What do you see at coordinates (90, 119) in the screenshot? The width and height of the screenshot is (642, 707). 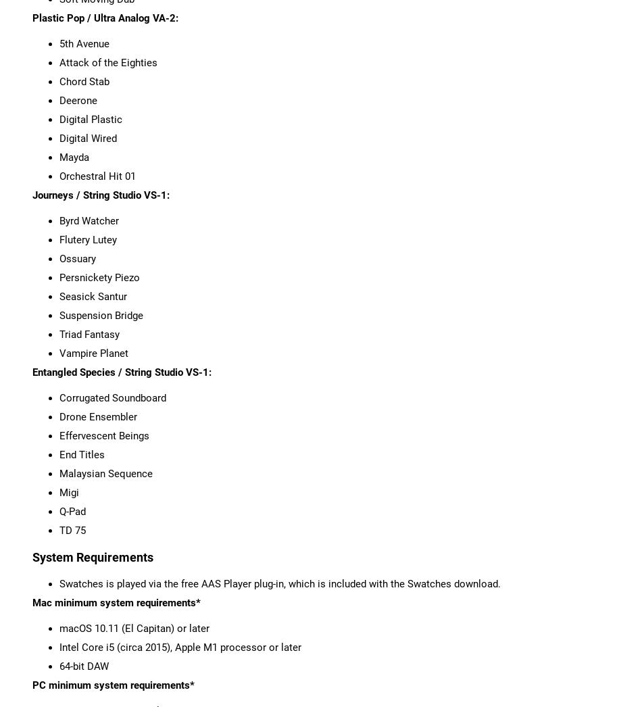 I see `'Digital Plastic'` at bounding box center [90, 119].